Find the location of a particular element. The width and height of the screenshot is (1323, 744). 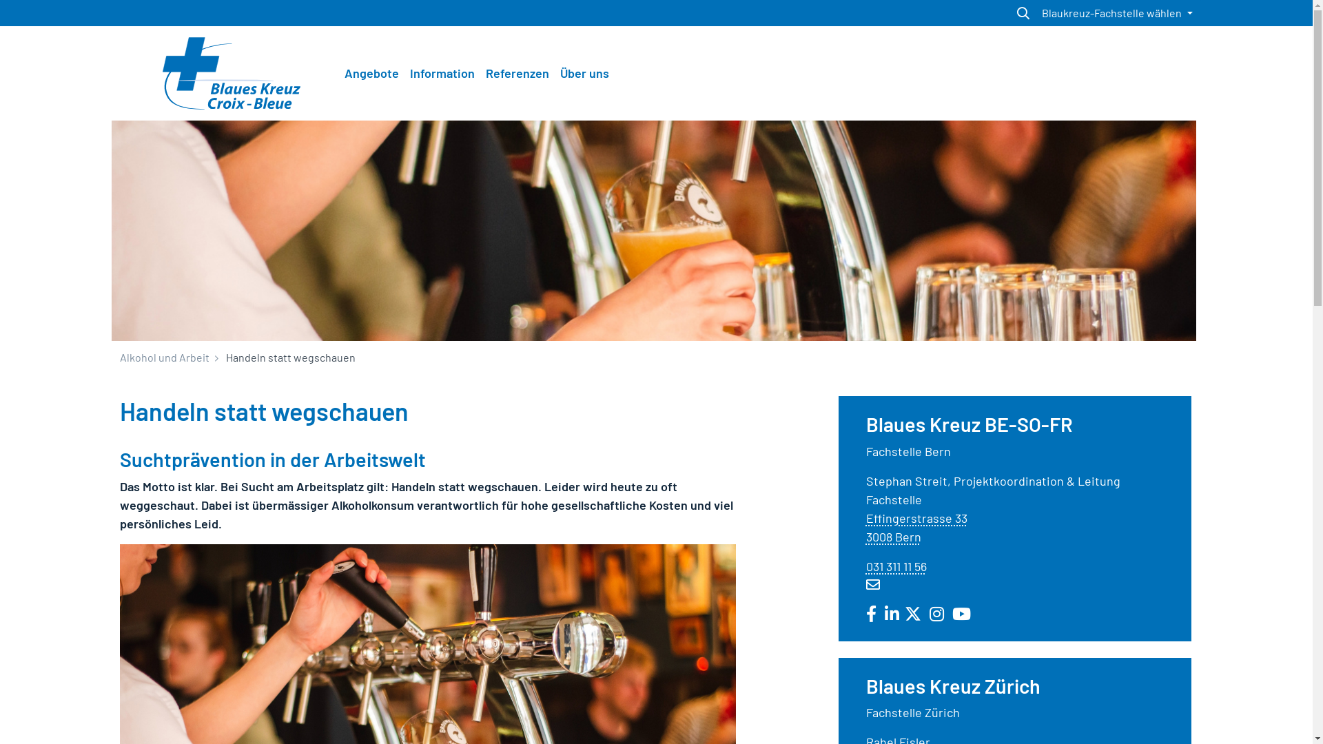

'Alkohol und Arbeit' is located at coordinates (165, 356).